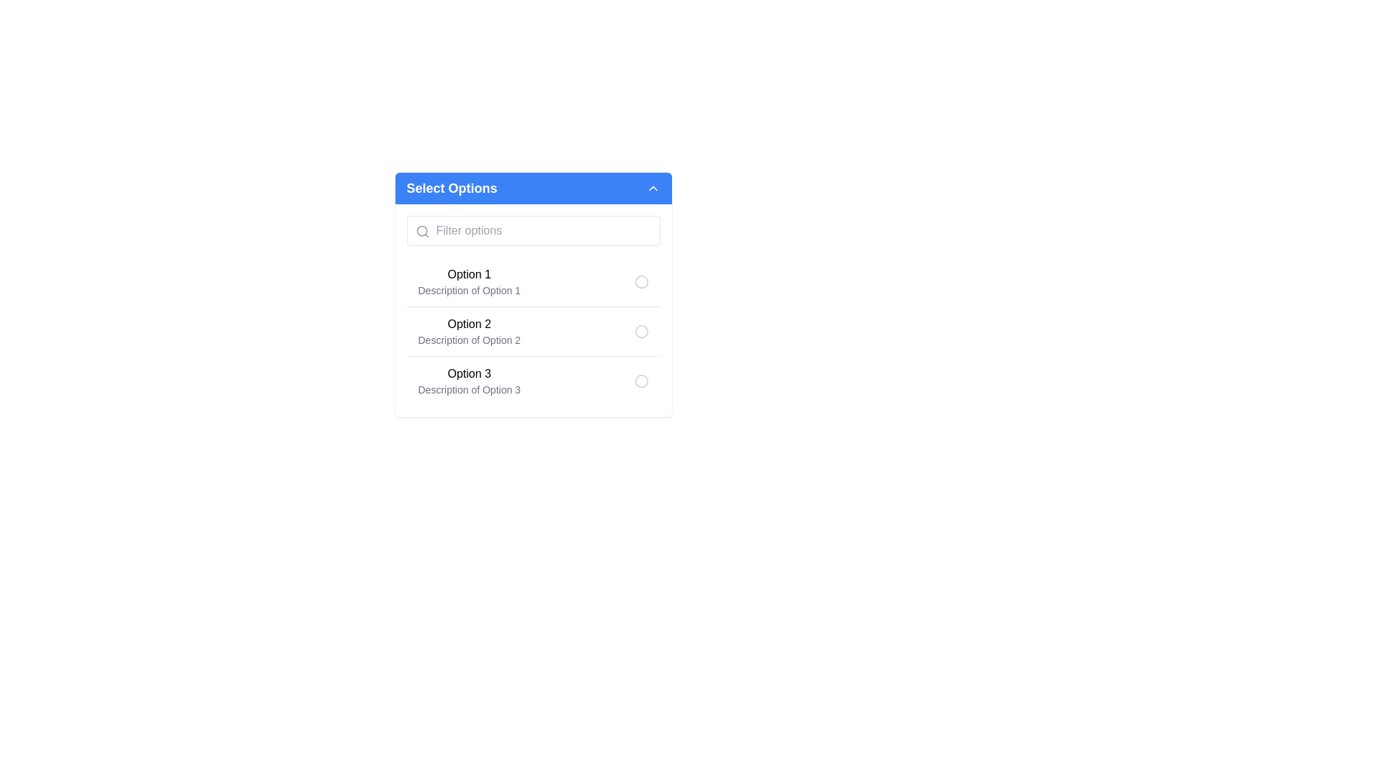 The image size is (1383, 777). Describe the element at coordinates (532, 380) in the screenshot. I see `the third selectable row in the dropdown menu labeled 'Option 3'` at that location.